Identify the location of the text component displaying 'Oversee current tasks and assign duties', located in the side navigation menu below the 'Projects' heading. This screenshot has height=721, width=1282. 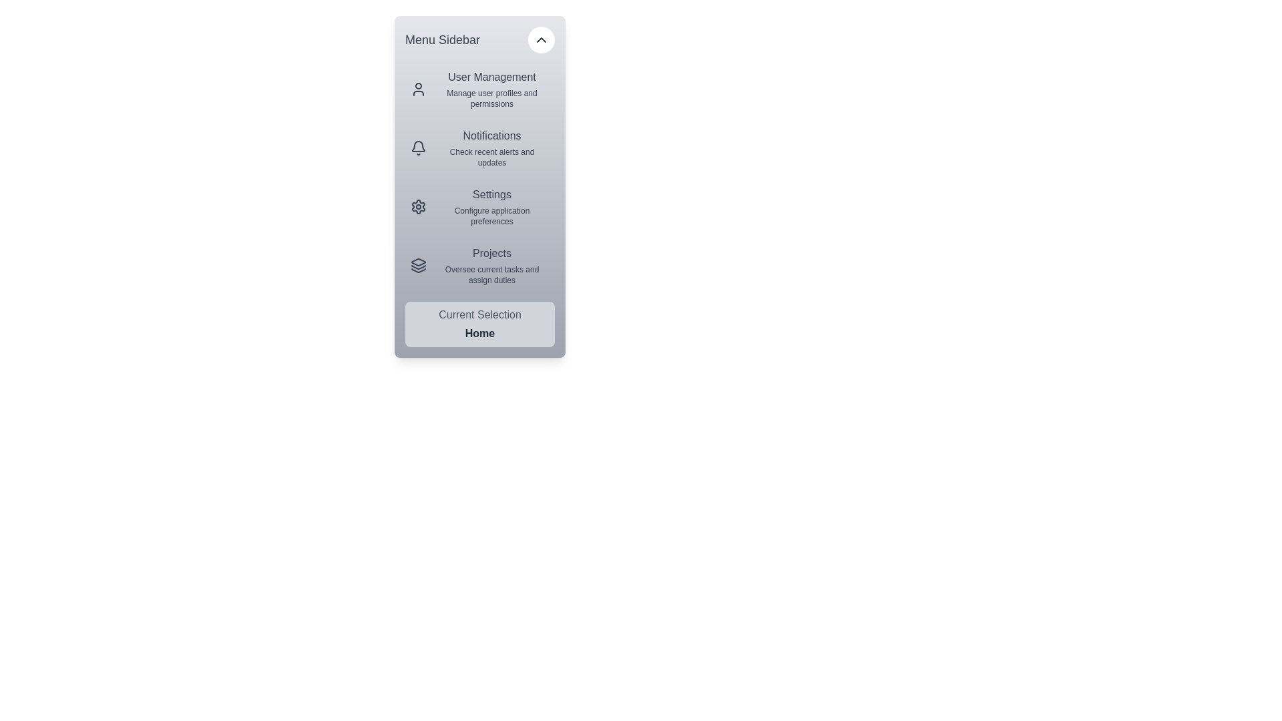
(491, 274).